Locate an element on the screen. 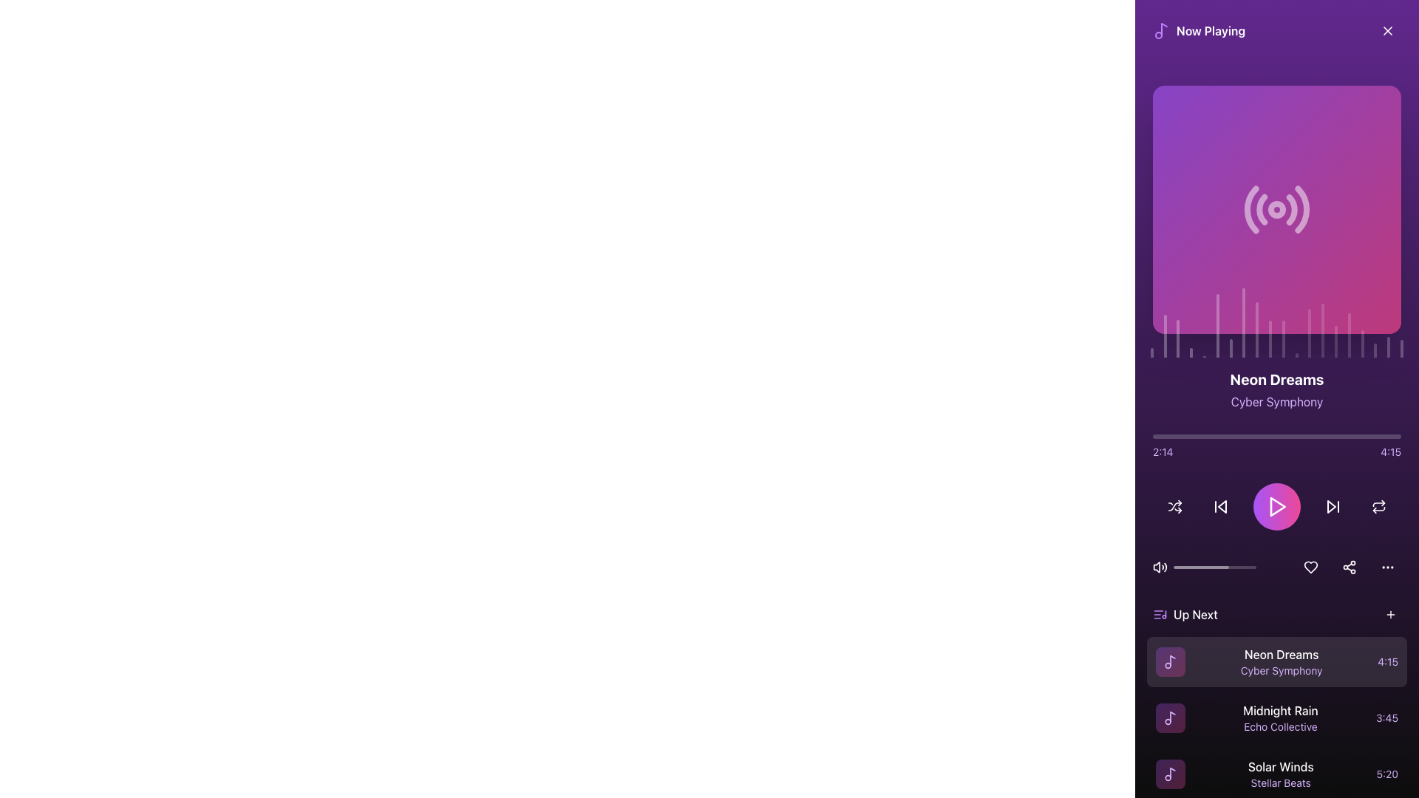  the 15th vertical graphic bar in the visualizer component, which is a thin white bar with rounded top corners positioned at the bottom of the player interface is located at coordinates (1336, 341).